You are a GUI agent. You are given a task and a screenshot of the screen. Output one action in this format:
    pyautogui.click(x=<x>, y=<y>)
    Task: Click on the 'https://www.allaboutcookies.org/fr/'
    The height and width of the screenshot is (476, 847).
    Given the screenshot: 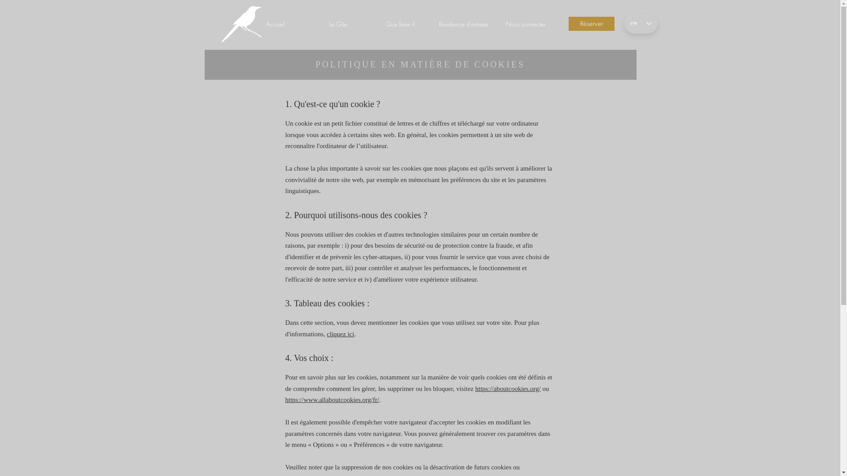 What is the action you would take?
    pyautogui.click(x=285, y=399)
    